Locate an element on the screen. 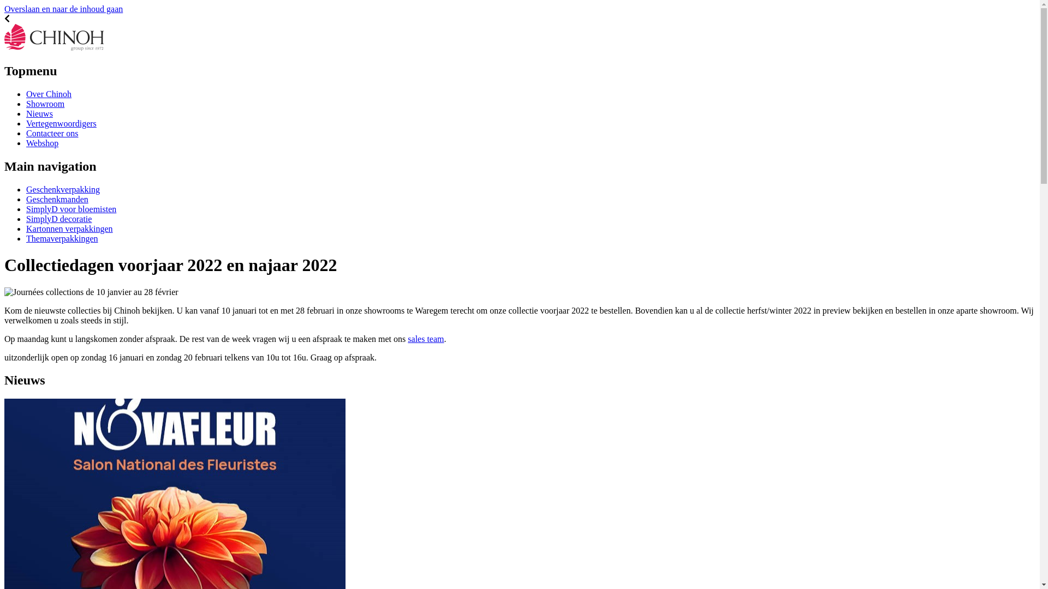 The image size is (1048, 589). 'Kartonnen verpakkingen' is located at coordinates (26, 228).